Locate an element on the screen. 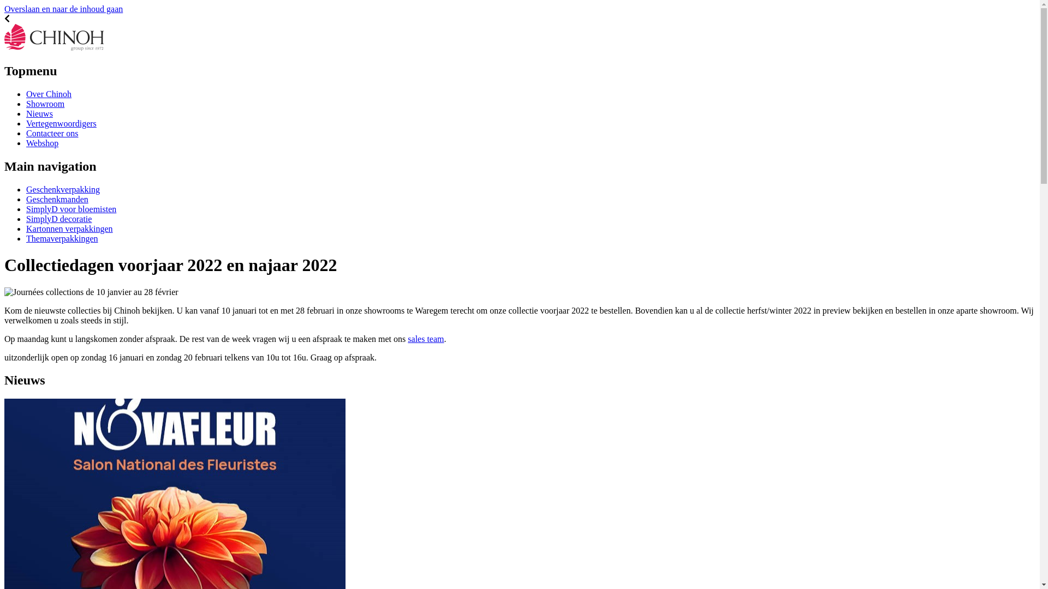 The image size is (1048, 589). 'Kartonnen verpakkingen' is located at coordinates (26, 228).